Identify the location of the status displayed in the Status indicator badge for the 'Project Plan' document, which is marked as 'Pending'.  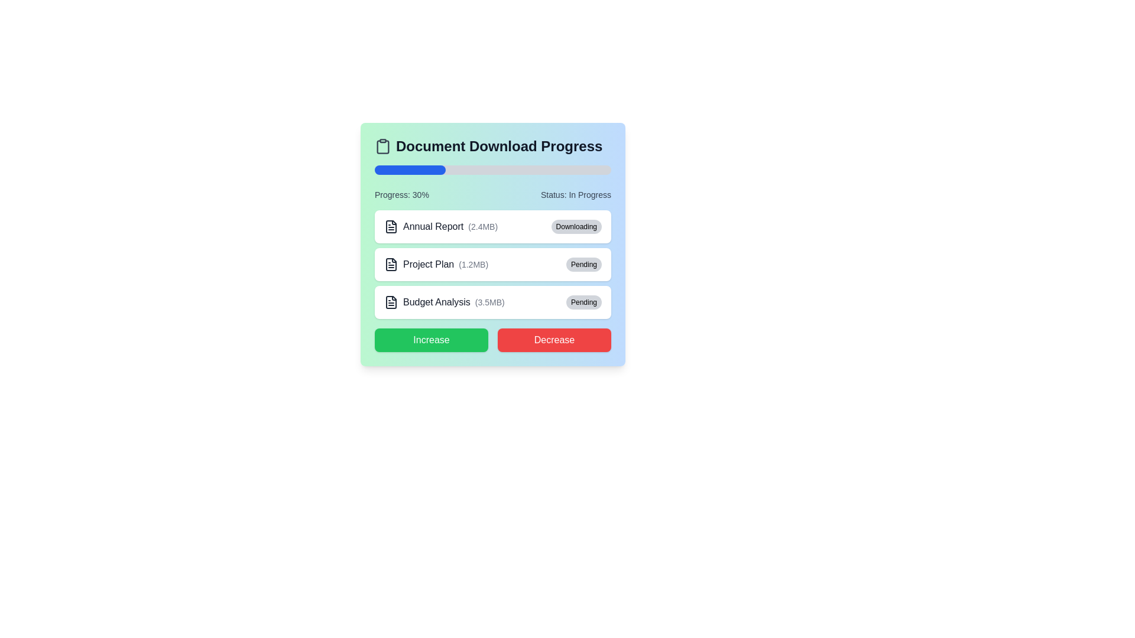
(584, 263).